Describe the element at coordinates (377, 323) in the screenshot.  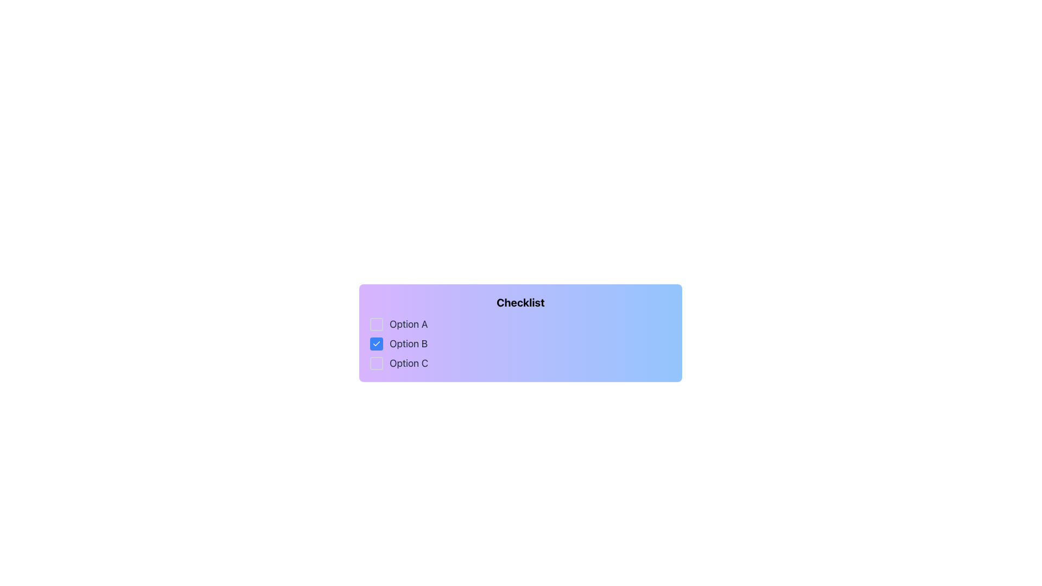
I see `the checkbox for 'Option A'` at that location.